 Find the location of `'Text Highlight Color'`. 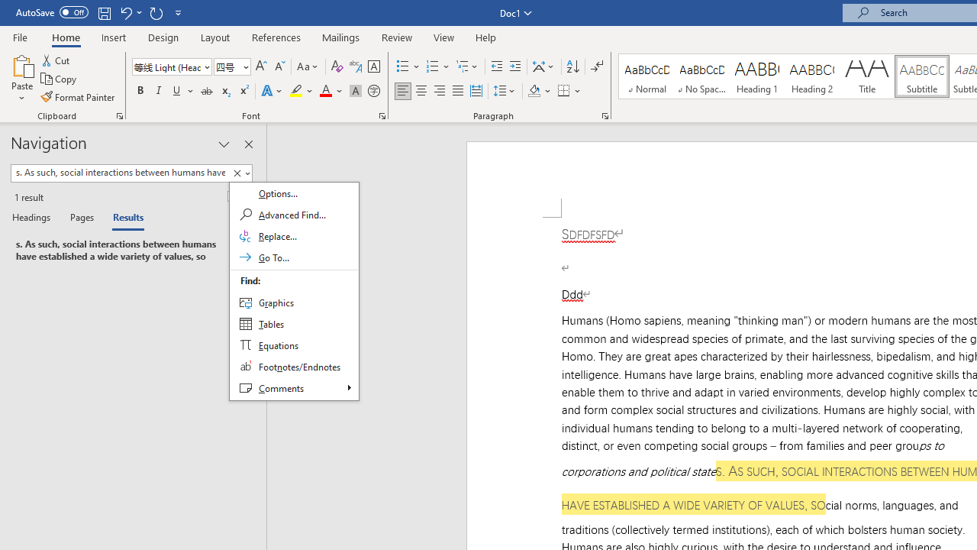

'Text Highlight Color' is located at coordinates (301, 91).